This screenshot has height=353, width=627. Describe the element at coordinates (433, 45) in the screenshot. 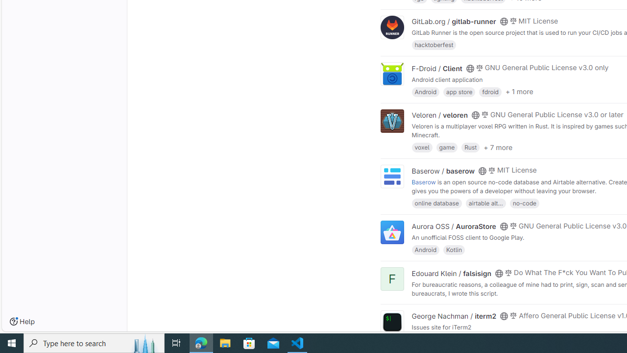

I see `'hacktoberfest'` at that location.